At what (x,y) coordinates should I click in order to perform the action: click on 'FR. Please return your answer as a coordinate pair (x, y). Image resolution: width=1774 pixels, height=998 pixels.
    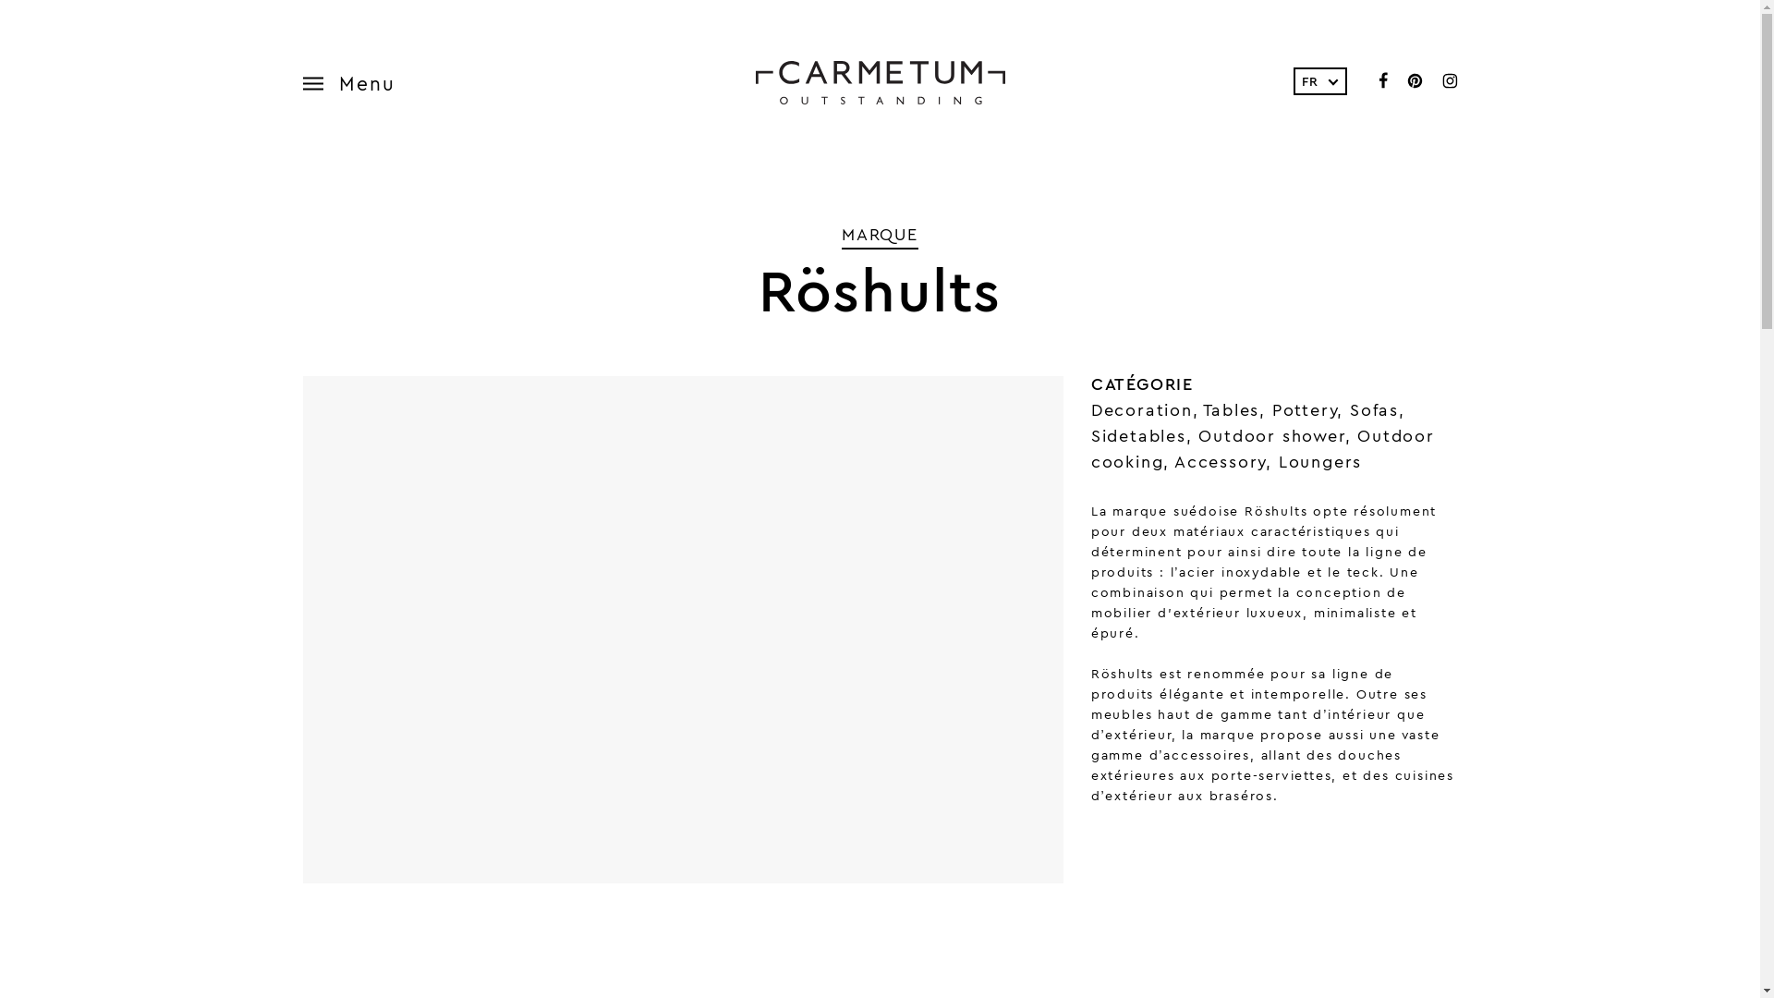
    Looking at the image, I should click on (1293, 80).